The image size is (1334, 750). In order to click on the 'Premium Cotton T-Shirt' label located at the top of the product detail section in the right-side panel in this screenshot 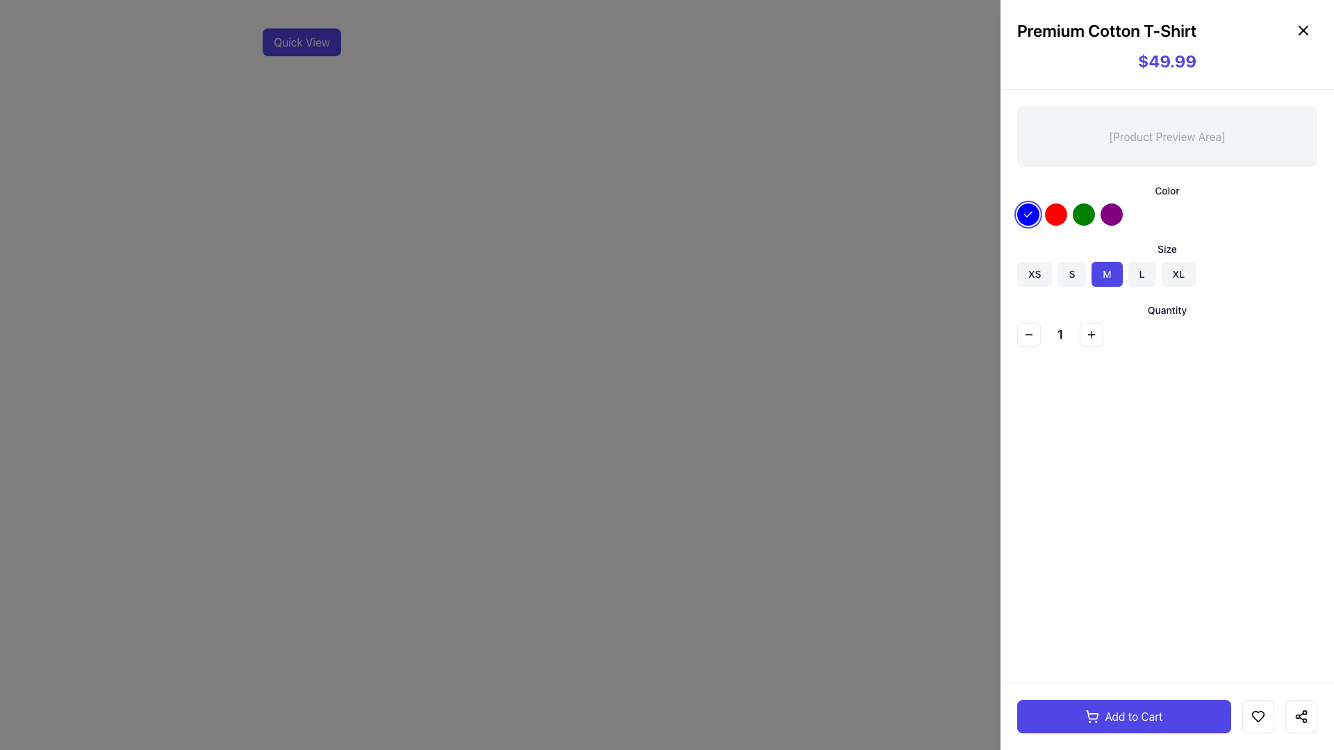, I will do `click(1167, 30)`.